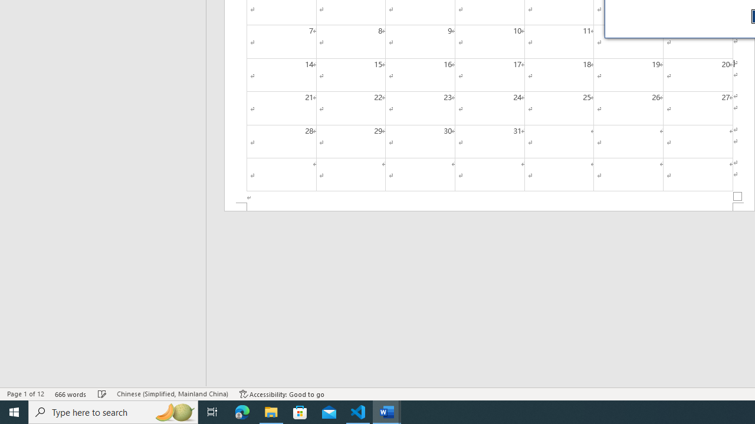 The image size is (755, 424). I want to click on 'Footer -Section 1-', so click(490, 206).